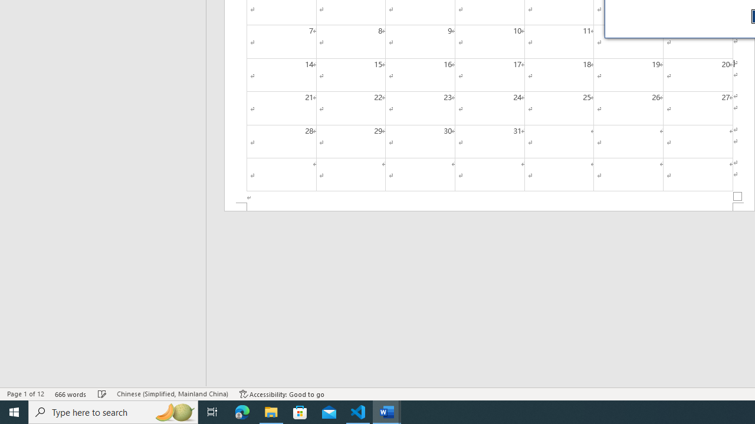 The image size is (755, 424). I want to click on 'Footer -Section 1-', so click(490, 206).